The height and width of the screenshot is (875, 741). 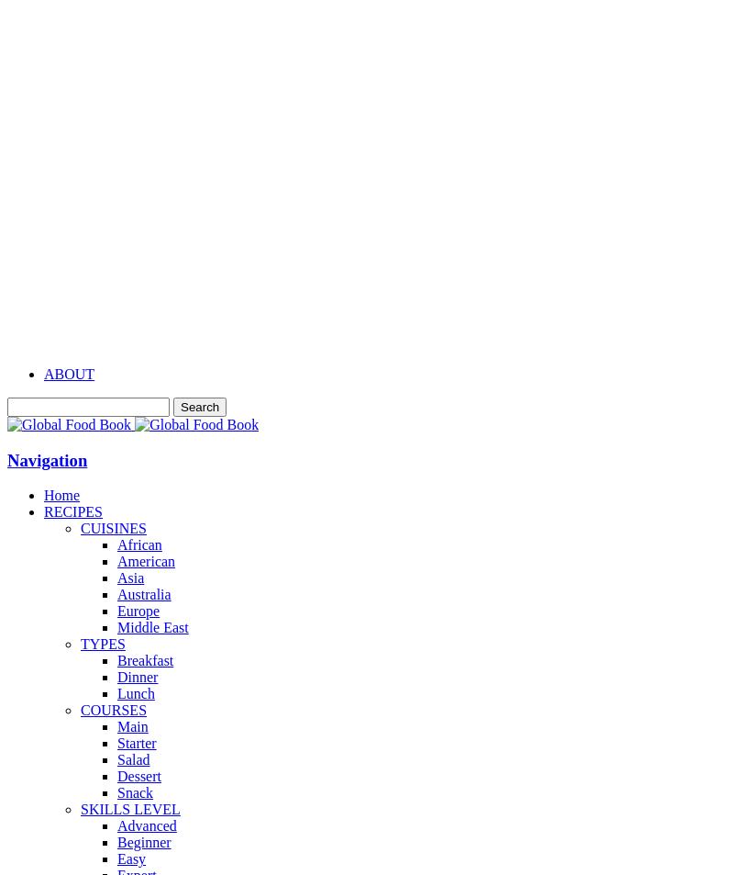 What do you see at coordinates (151, 627) in the screenshot?
I see `'Middle East'` at bounding box center [151, 627].